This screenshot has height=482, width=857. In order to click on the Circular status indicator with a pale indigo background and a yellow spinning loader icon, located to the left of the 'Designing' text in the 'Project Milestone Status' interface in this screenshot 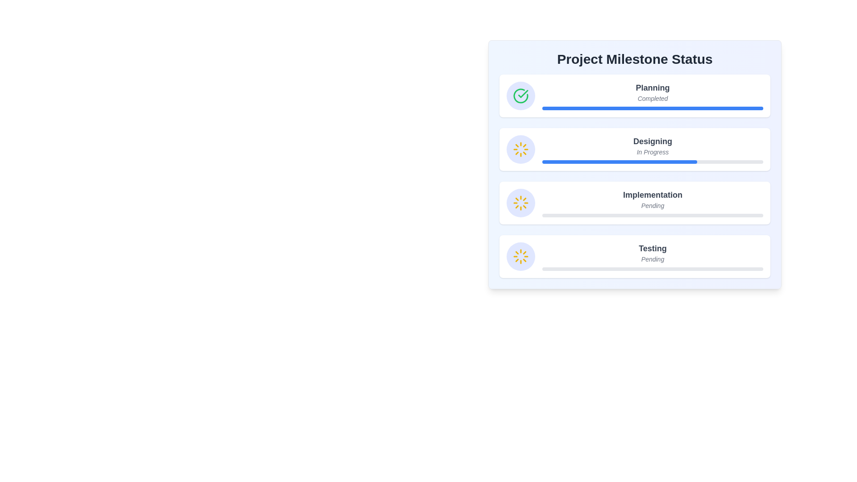, I will do `click(520, 149)`.